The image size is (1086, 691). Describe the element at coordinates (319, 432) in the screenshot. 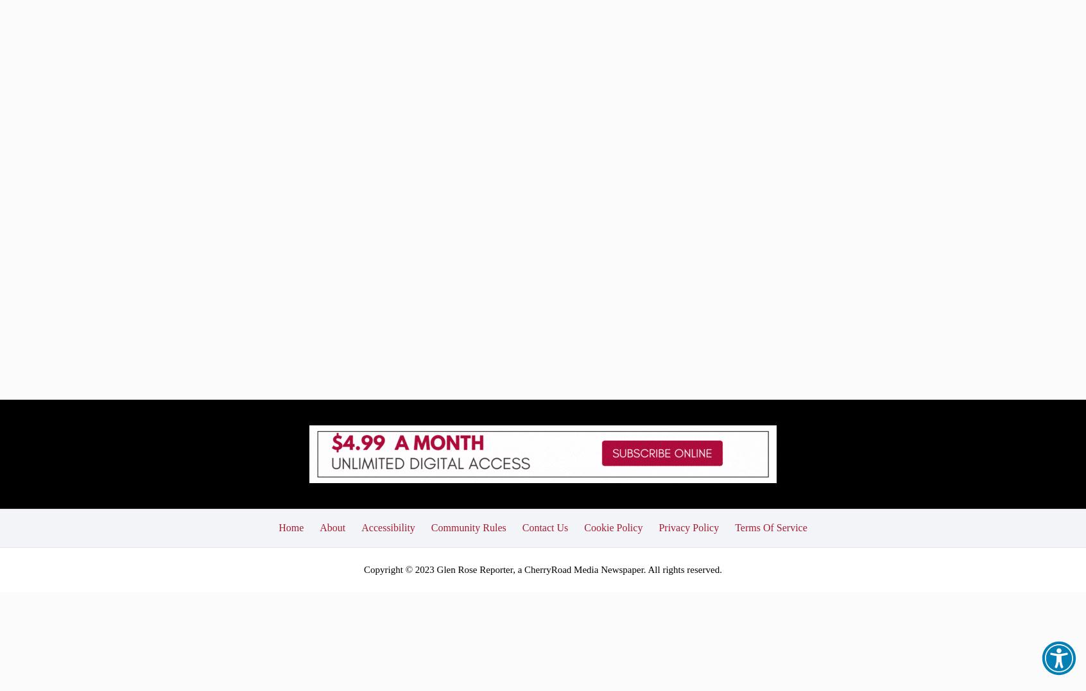

I see `'About'` at that location.